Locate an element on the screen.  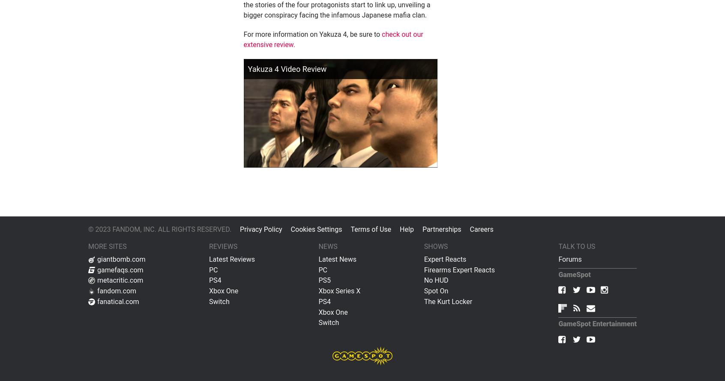
'fanatical.com' is located at coordinates (118, 301).